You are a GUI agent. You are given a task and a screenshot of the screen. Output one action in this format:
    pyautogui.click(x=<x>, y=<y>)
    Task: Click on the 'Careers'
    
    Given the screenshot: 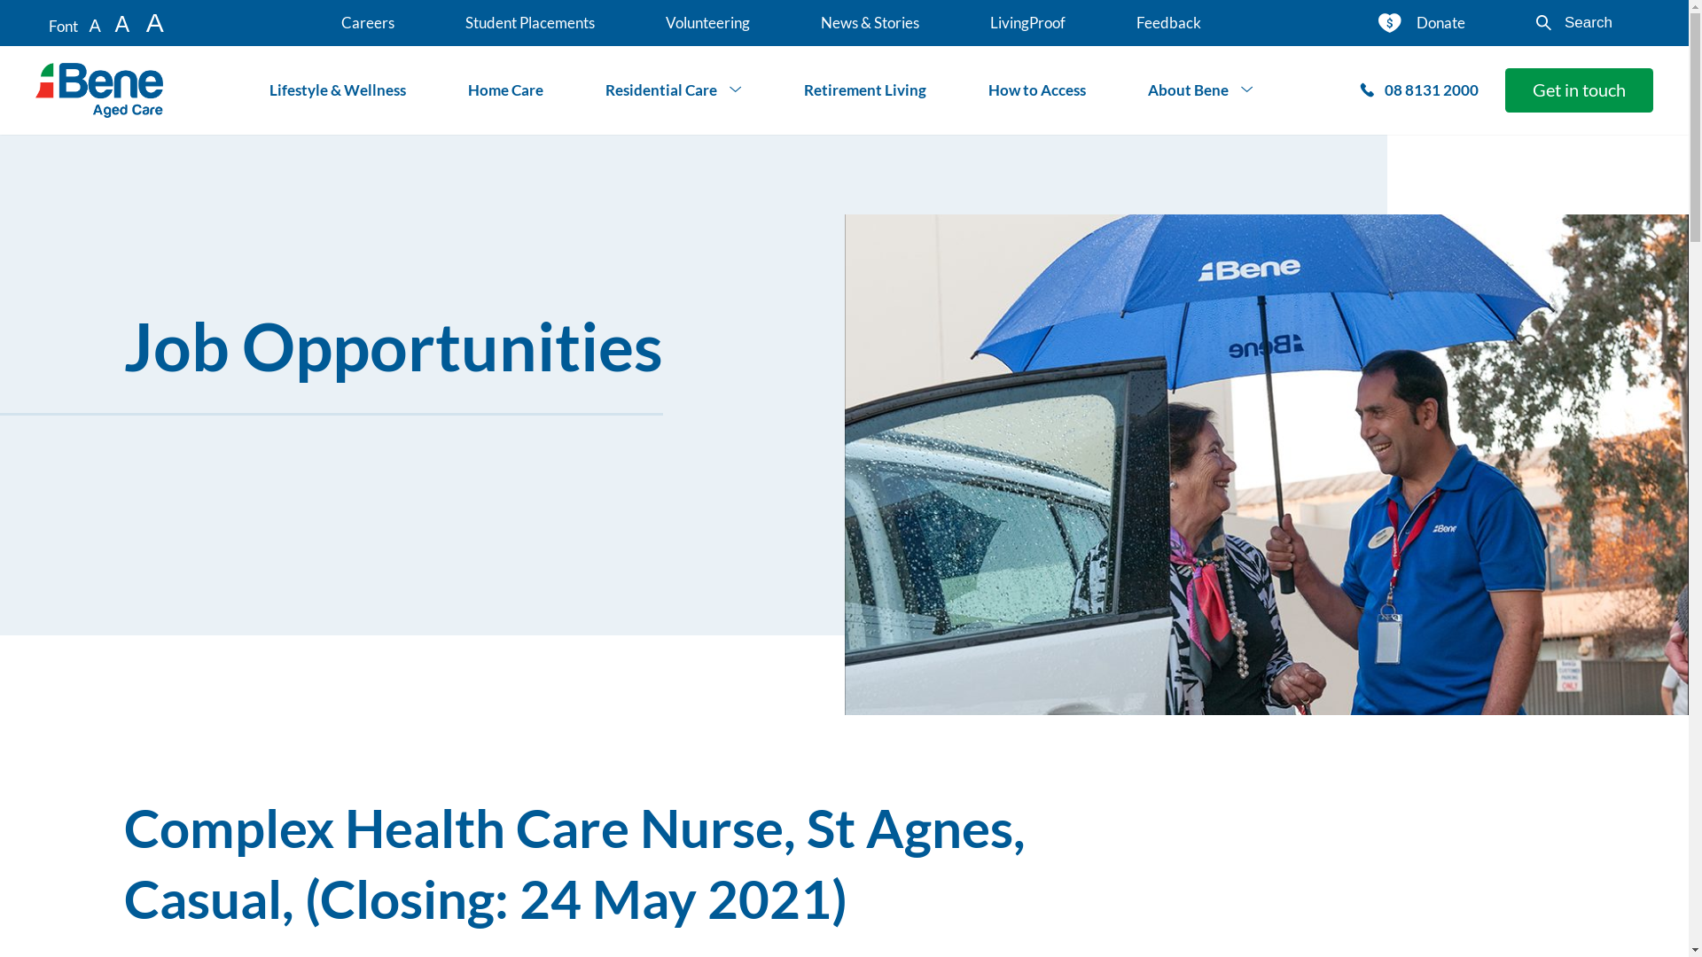 What is the action you would take?
    pyautogui.click(x=366, y=23)
    